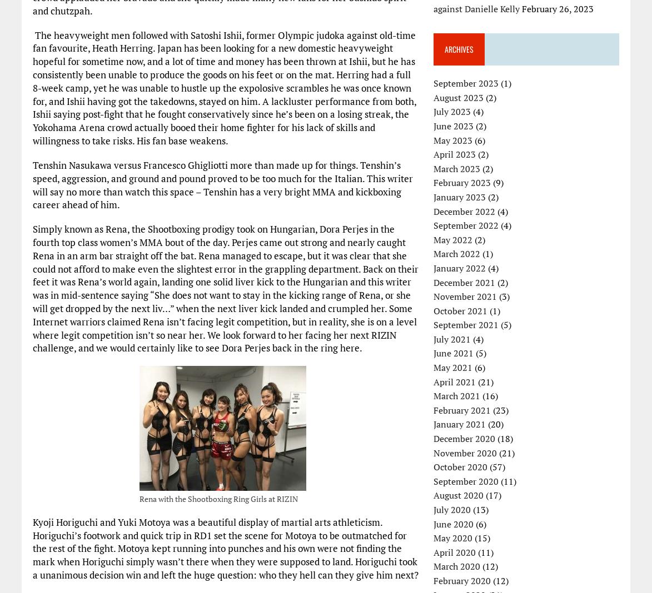 The height and width of the screenshot is (593, 652). Describe the element at coordinates (499, 409) in the screenshot. I see `'(23)'` at that location.